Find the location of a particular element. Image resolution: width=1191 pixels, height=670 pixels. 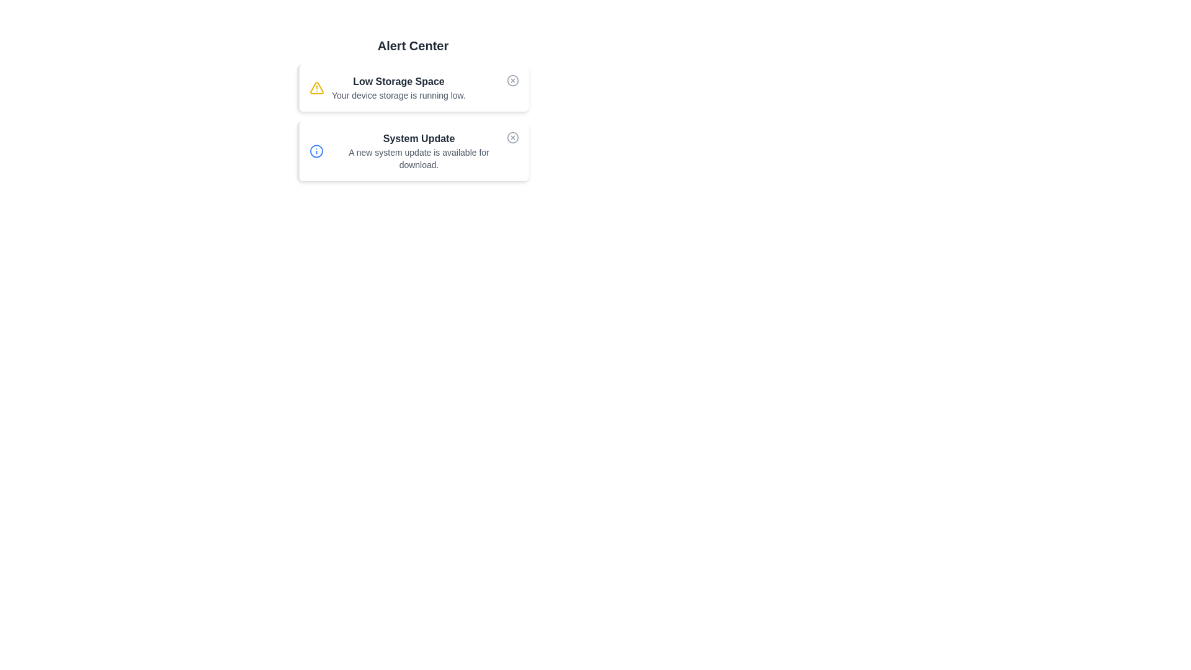

the dismiss button for the alert titled 'System Update' is located at coordinates (512, 138).